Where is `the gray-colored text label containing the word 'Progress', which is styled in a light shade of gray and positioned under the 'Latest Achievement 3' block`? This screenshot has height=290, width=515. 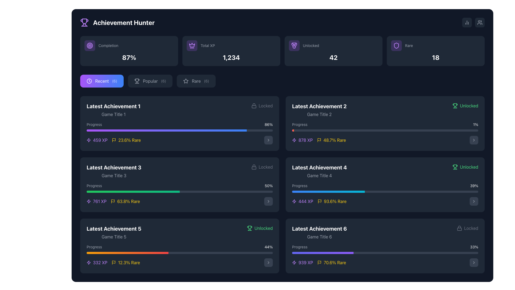
the gray-colored text label containing the word 'Progress', which is styled in a light shade of gray and positioned under the 'Latest Achievement 3' block is located at coordinates (94, 185).